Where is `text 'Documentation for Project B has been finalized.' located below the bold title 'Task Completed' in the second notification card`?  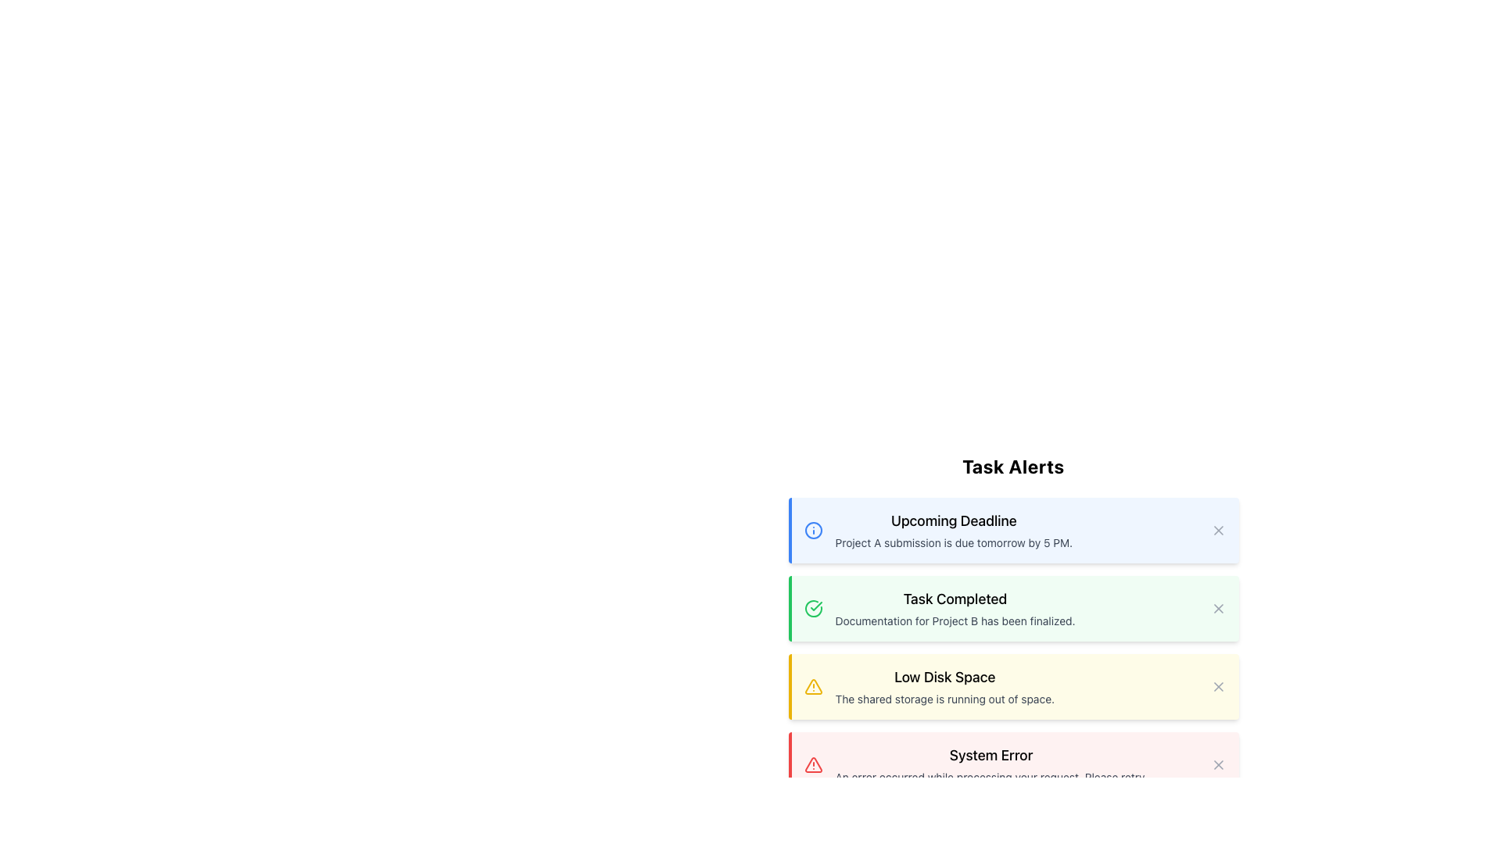 text 'Documentation for Project B has been finalized.' located below the bold title 'Task Completed' in the second notification card is located at coordinates (955, 620).